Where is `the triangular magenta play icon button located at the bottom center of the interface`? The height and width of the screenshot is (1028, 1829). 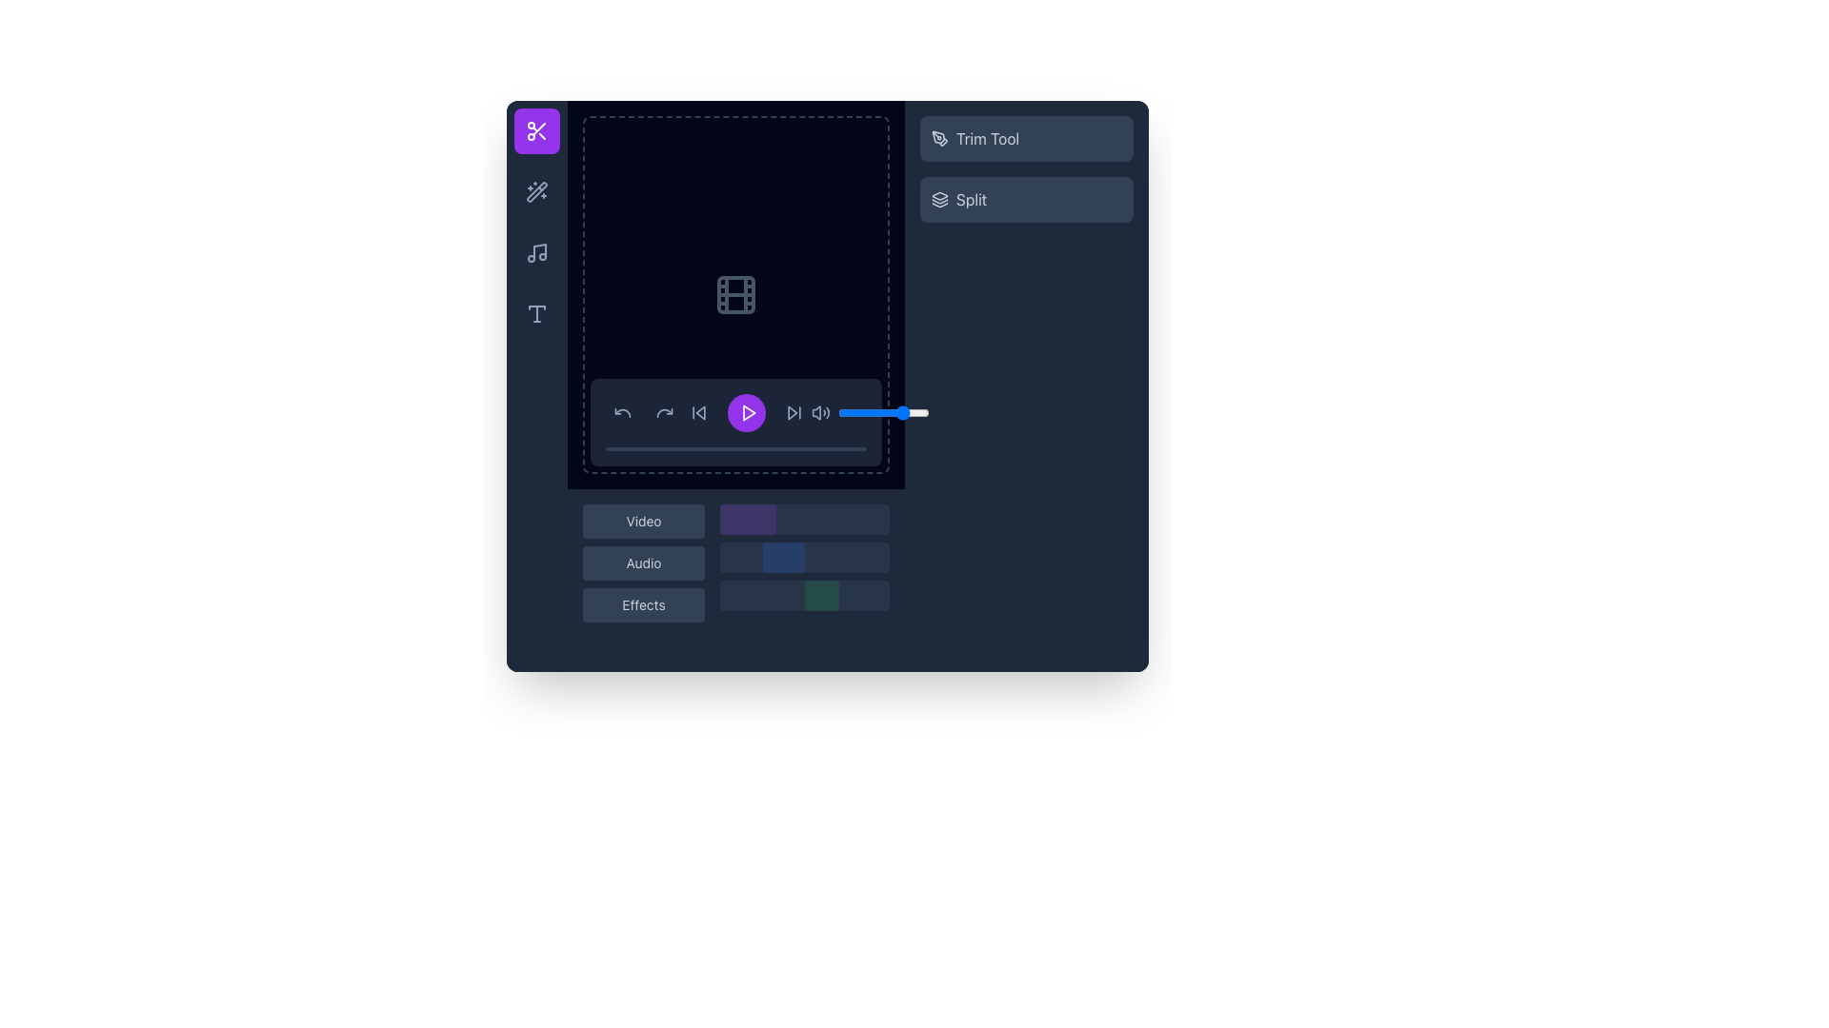 the triangular magenta play icon button located at the bottom center of the interface is located at coordinates (748, 412).